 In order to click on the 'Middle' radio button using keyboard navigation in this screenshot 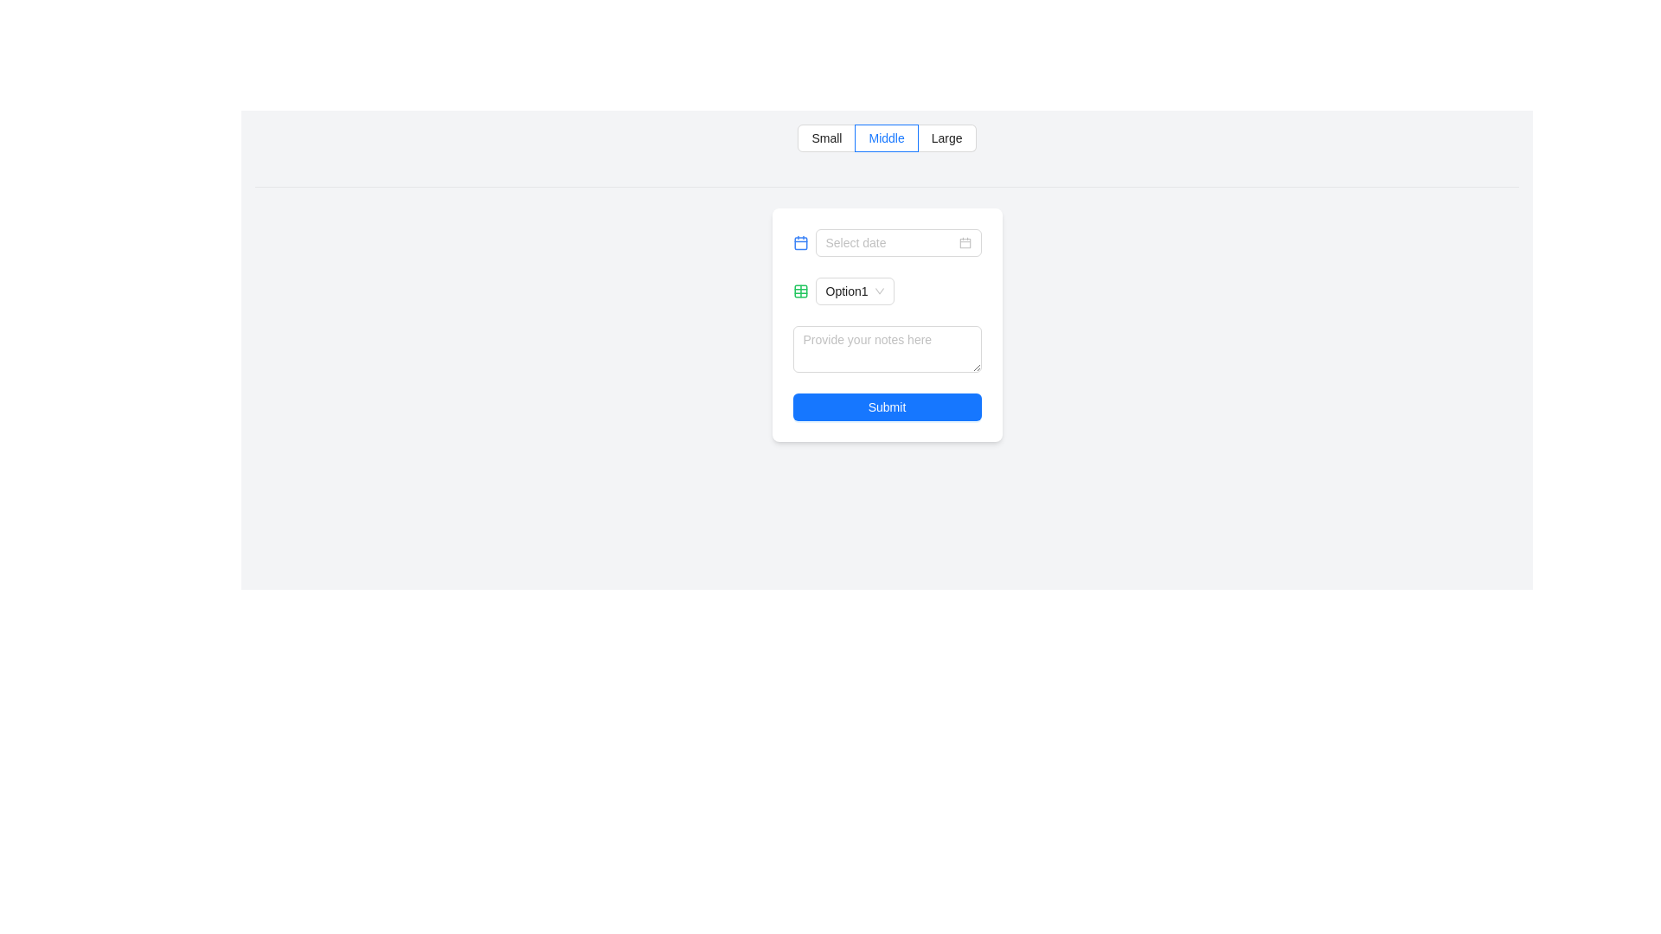, I will do `click(887, 137)`.